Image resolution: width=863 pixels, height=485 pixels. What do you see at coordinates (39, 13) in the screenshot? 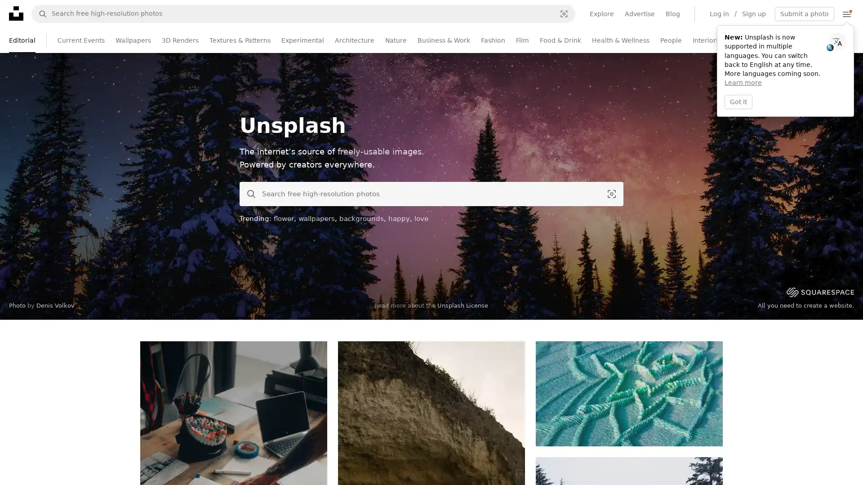
I see `Search Unsplash` at bounding box center [39, 13].